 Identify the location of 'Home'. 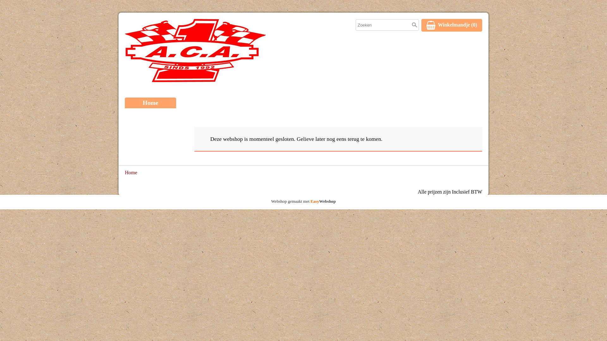
(131, 173).